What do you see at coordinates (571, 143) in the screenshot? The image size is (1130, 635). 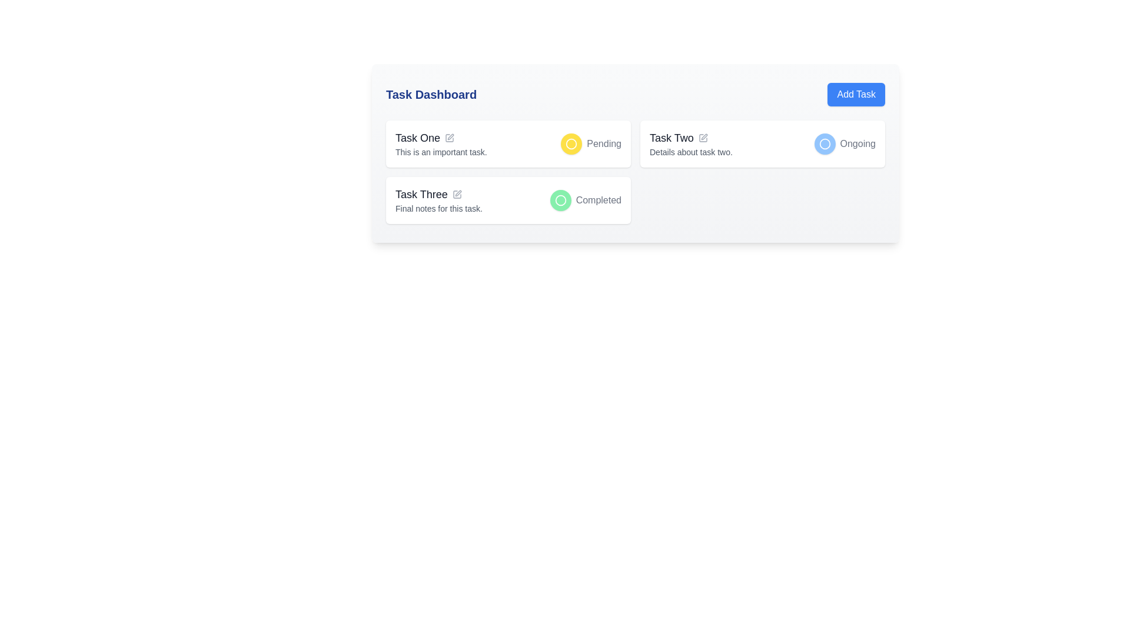 I see `the first icon (circle) in the 'Task Dashboard' under the 'Task One' section, which is positioned beside the label 'Pending'` at bounding box center [571, 143].